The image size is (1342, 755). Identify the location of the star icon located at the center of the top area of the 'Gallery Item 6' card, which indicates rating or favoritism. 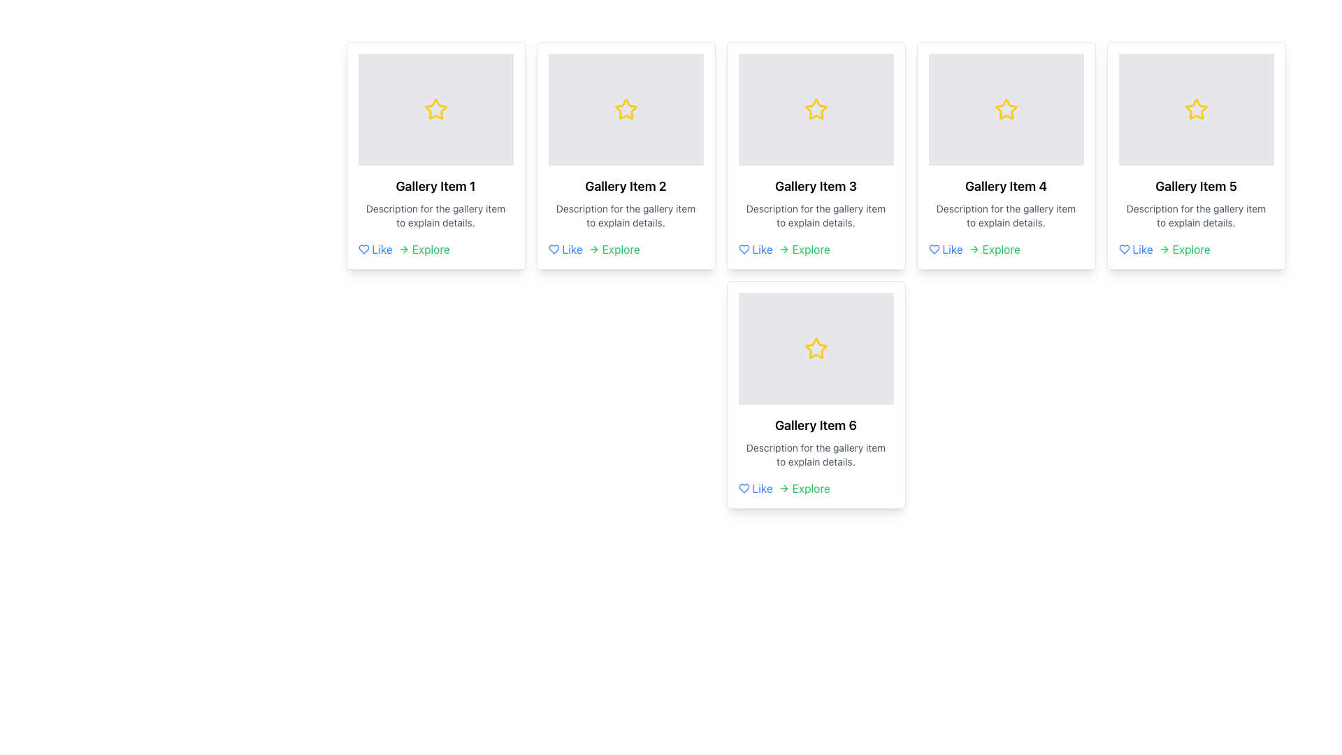
(816, 347).